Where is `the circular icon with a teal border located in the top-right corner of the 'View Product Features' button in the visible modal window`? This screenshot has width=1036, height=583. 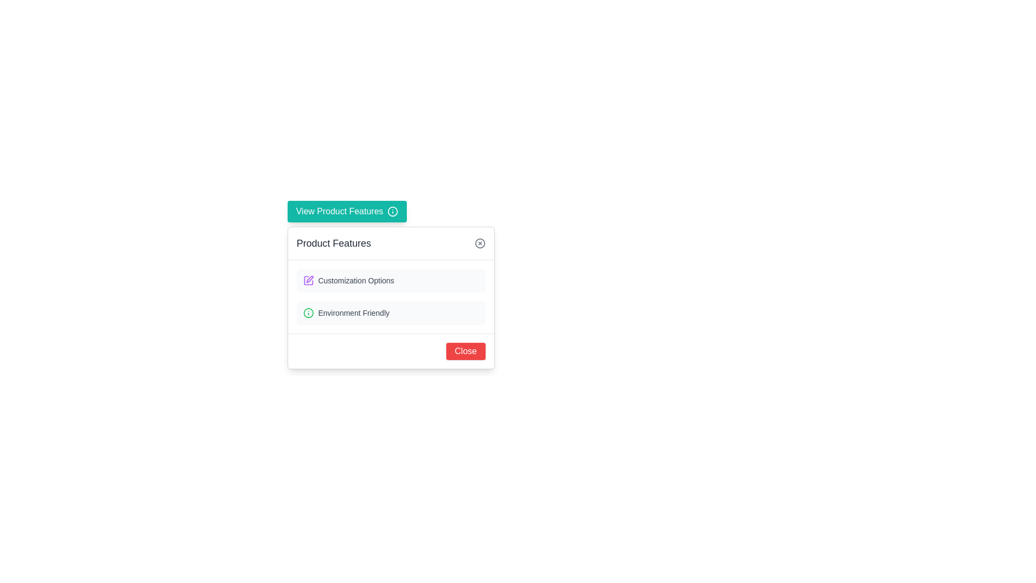
the circular icon with a teal border located in the top-right corner of the 'View Product Features' button in the visible modal window is located at coordinates (392, 212).